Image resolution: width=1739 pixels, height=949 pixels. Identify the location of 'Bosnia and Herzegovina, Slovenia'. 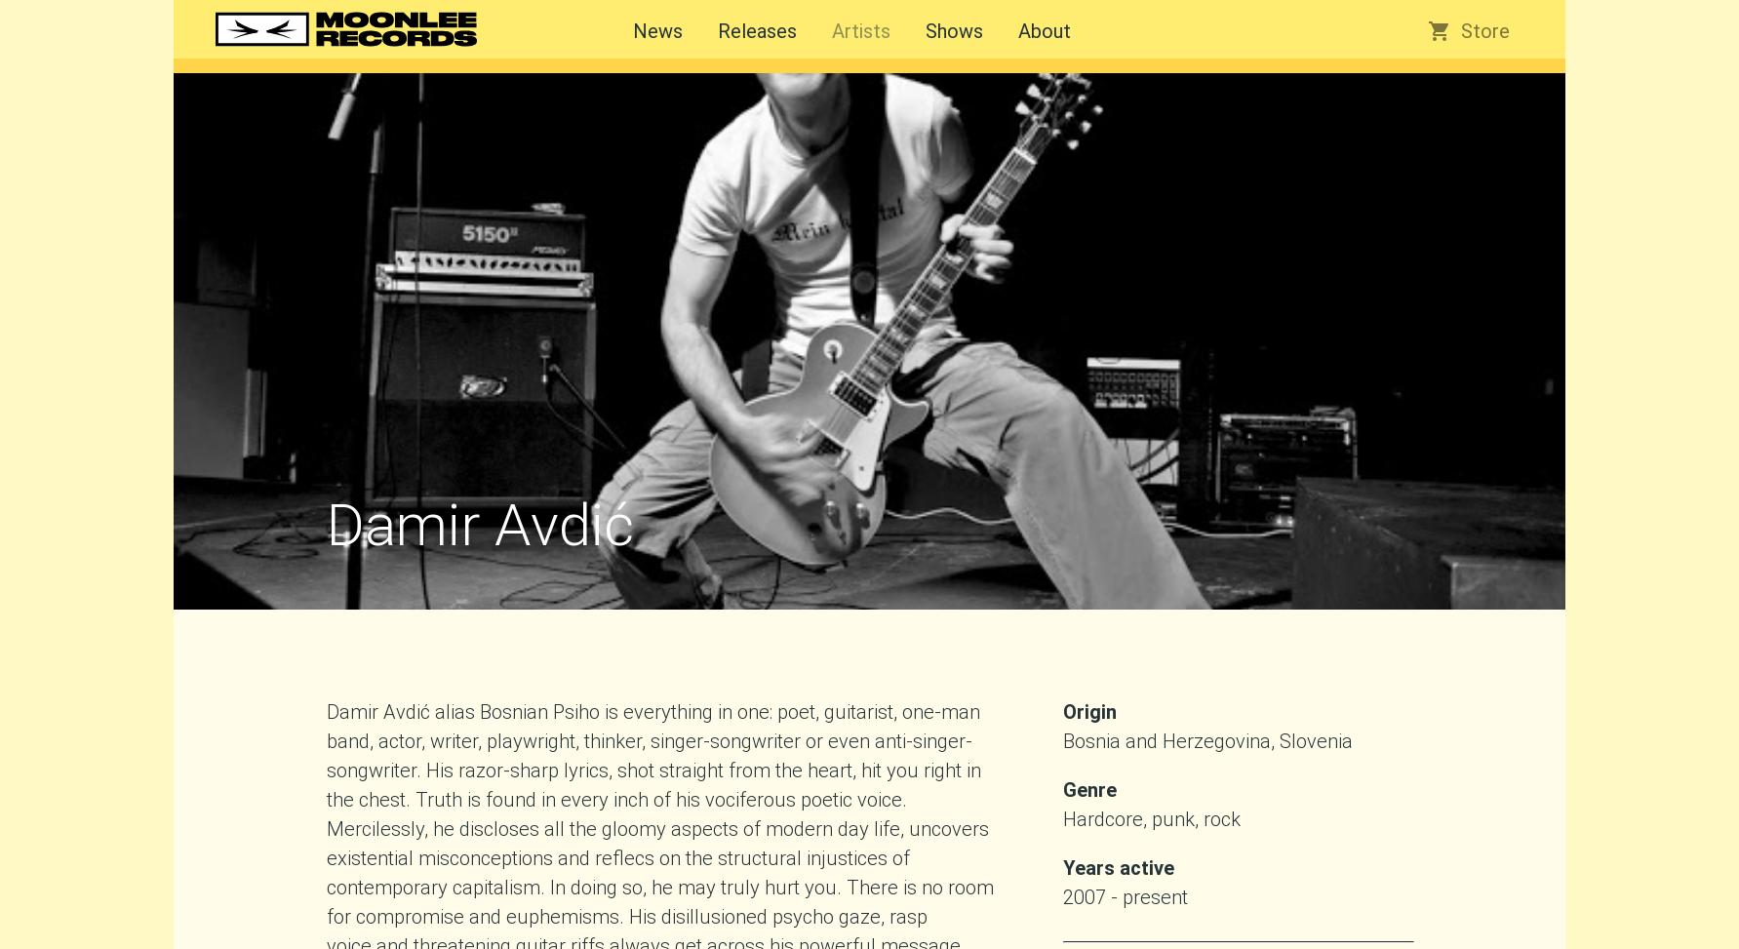
(1062, 741).